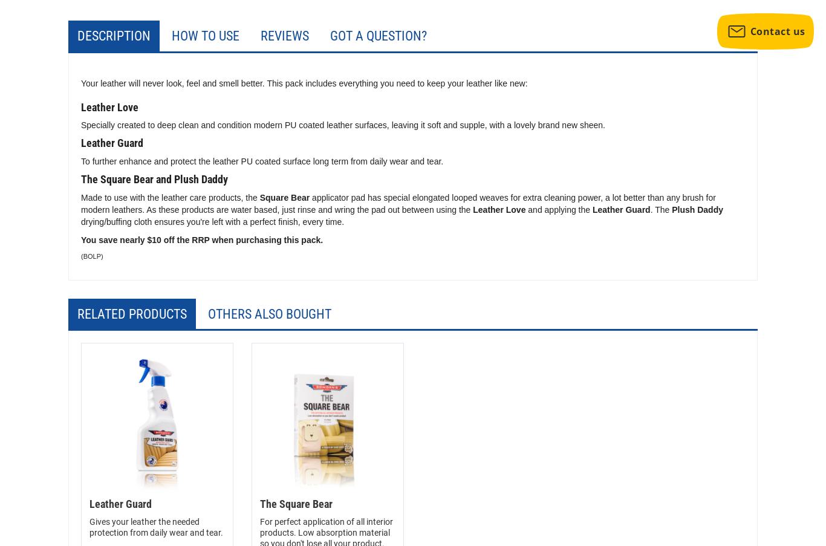 This screenshot has width=826, height=546. What do you see at coordinates (91, 255) in the screenshot?
I see `'BOLP'` at bounding box center [91, 255].